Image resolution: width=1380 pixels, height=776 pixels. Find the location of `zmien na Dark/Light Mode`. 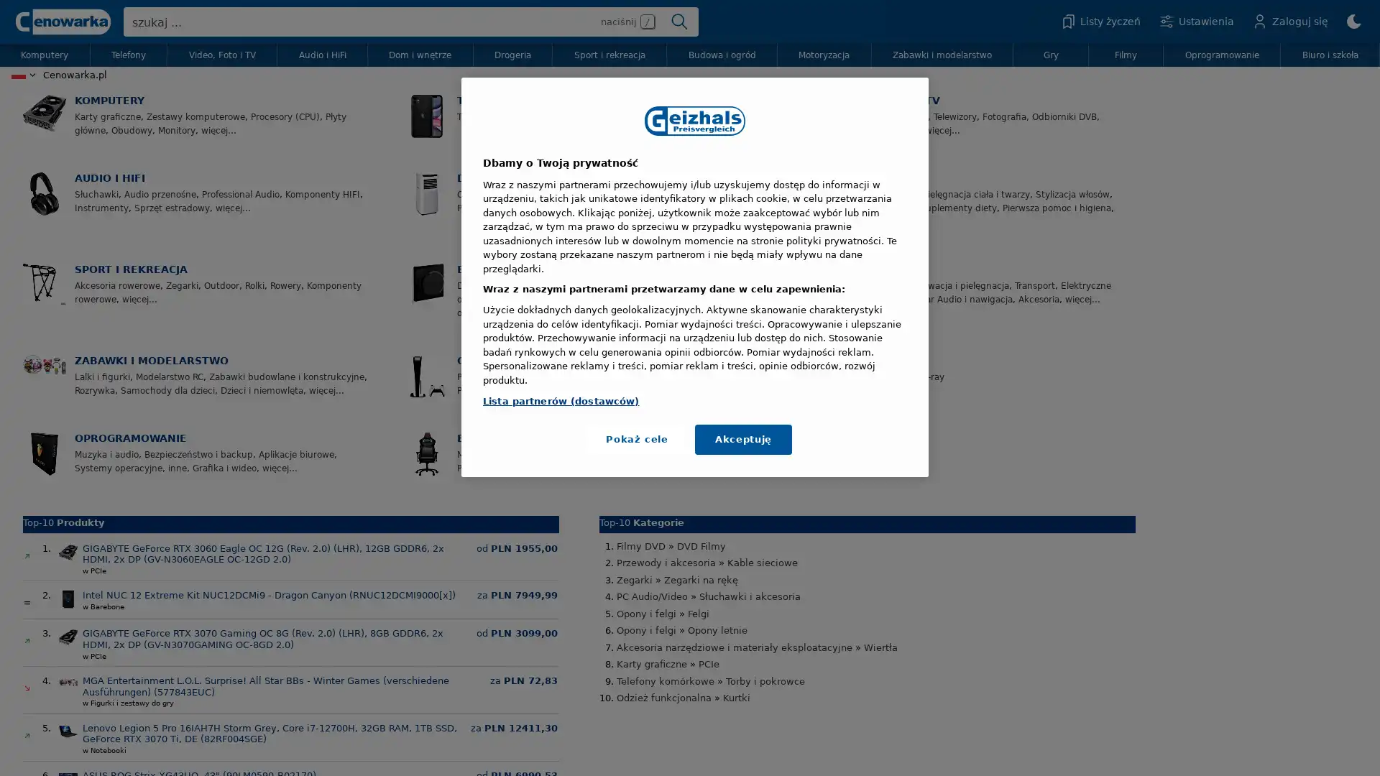

zmien na Dark/Light Mode is located at coordinates (1353, 22).